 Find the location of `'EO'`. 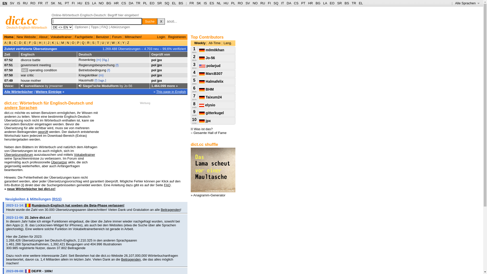

'EO' is located at coordinates (332, 3).